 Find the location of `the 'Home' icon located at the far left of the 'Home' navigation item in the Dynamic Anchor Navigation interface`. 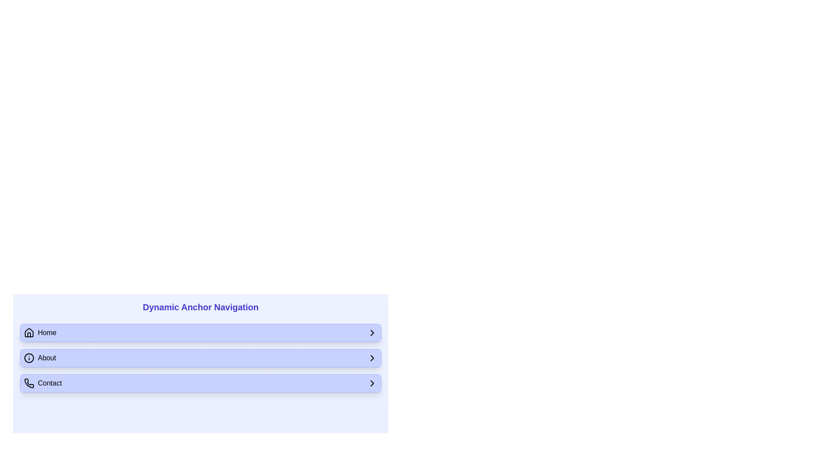

the 'Home' icon located at the far left of the 'Home' navigation item in the Dynamic Anchor Navigation interface is located at coordinates (29, 332).